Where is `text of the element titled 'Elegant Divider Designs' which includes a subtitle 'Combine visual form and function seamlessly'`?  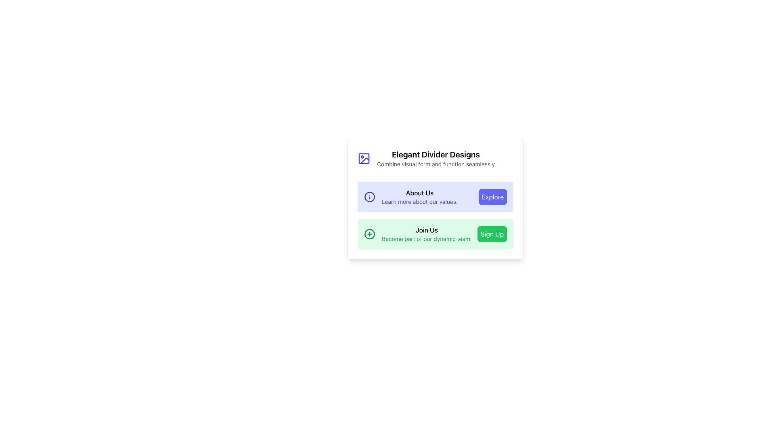 text of the element titled 'Elegant Divider Designs' which includes a subtitle 'Combine visual form and function seamlessly' is located at coordinates (435, 159).